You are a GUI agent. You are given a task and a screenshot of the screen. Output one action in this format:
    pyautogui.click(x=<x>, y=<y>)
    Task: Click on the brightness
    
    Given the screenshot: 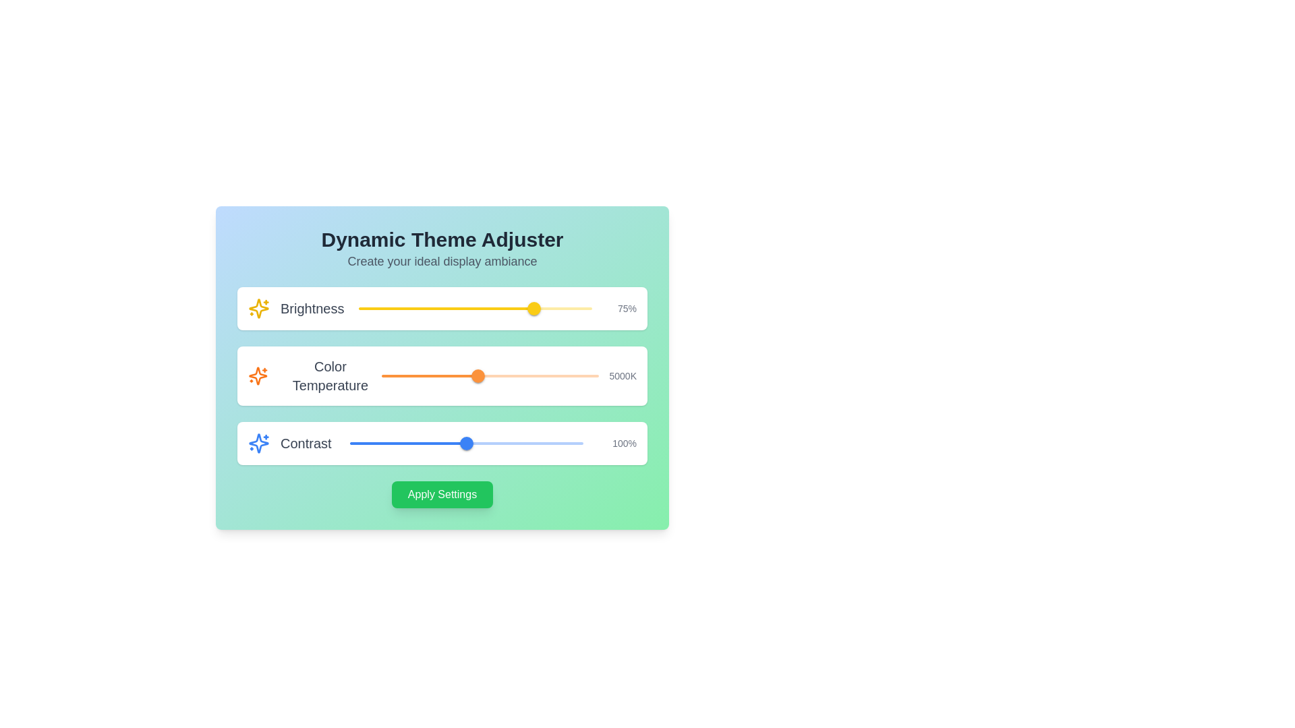 What is the action you would take?
    pyautogui.click(x=523, y=309)
    